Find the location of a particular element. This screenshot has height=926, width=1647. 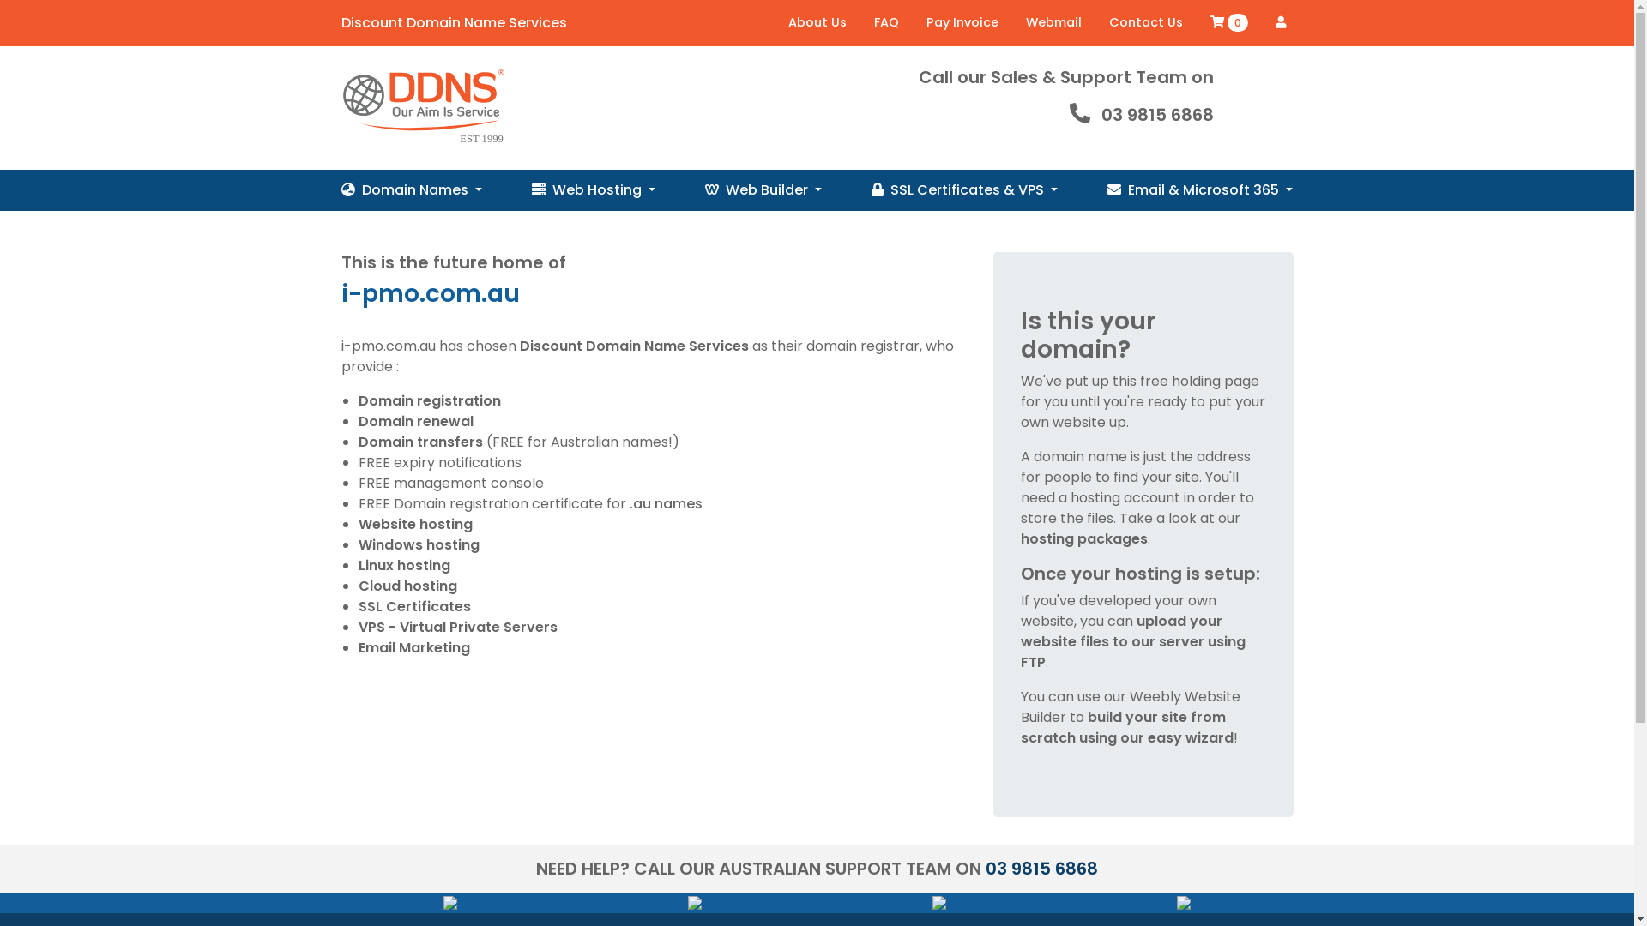

'Login' is located at coordinates (1280, 22).